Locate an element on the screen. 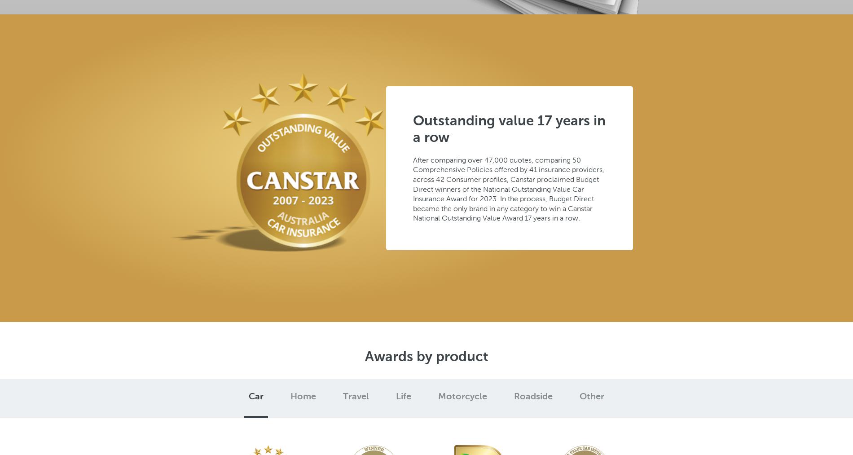 Image resolution: width=853 pixels, height=455 pixels. 'After comparing over 47,000 quotes, comparing 50 Comprehensive Policies offered by 41 insurance providers, across 42 Consumer profiles, Canstar proclaimed Budget Direct winners of the National Outstanding Value Car Insurance Award for 2023. In the process, Budget Direct became the only brand in any category to win a Canstar National Outstanding Value Award 17 years in a row.' is located at coordinates (508, 188).